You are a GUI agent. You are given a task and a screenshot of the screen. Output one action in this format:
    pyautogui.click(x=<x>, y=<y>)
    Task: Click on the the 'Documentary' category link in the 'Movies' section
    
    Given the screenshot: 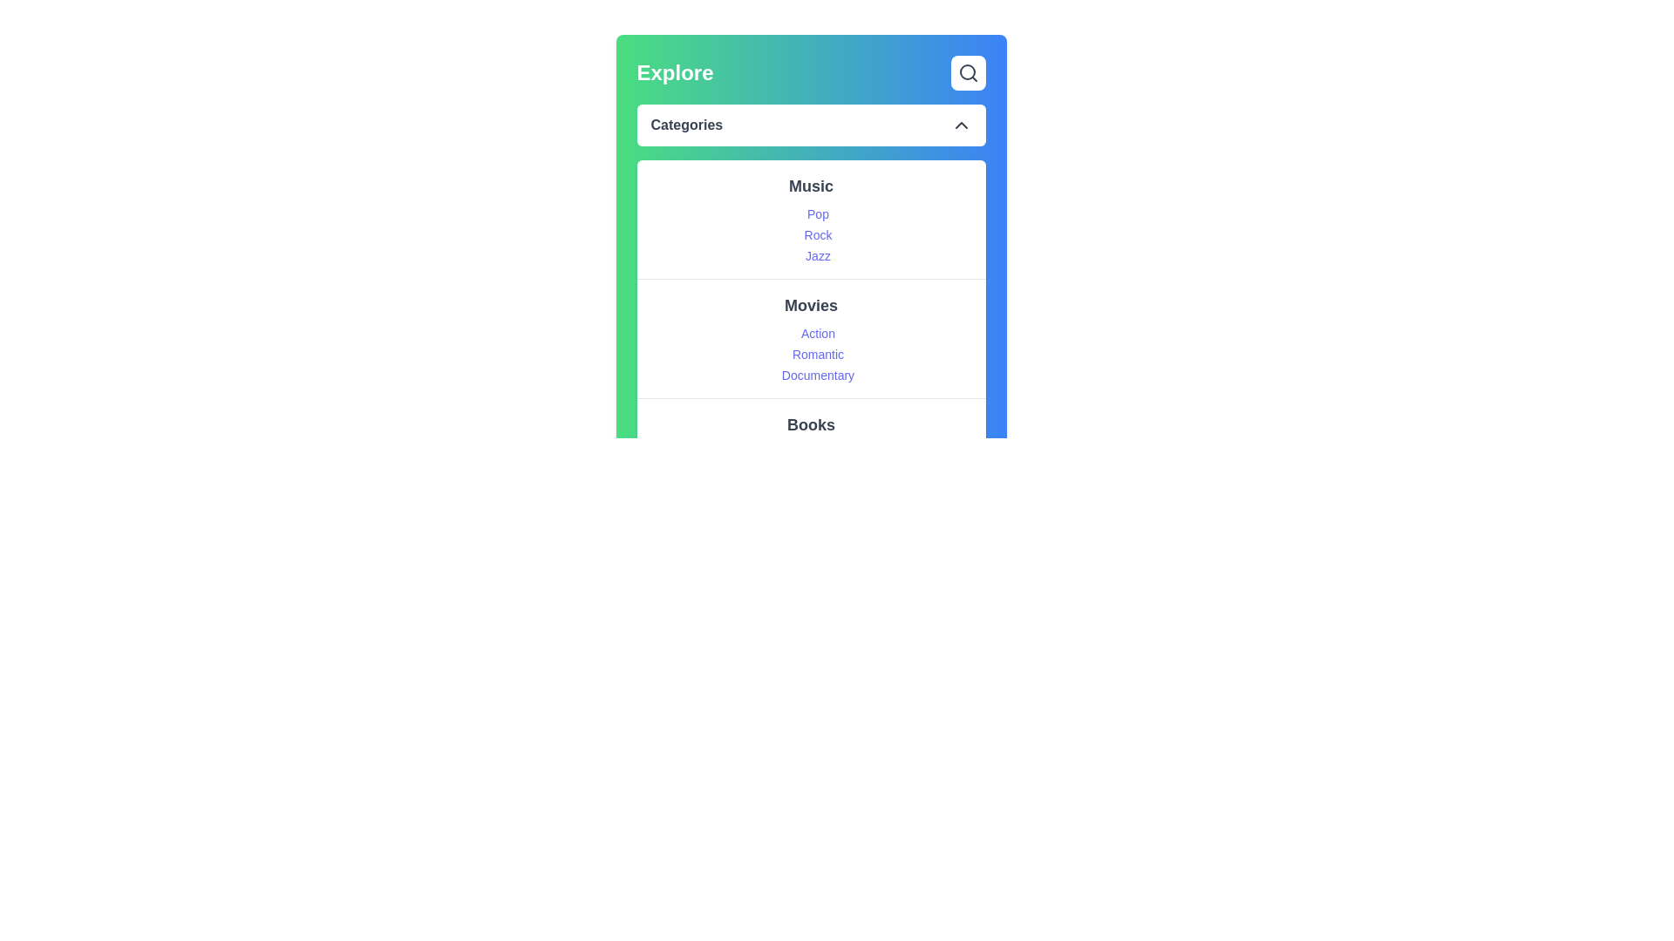 What is the action you would take?
    pyautogui.click(x=817, y=375)
    